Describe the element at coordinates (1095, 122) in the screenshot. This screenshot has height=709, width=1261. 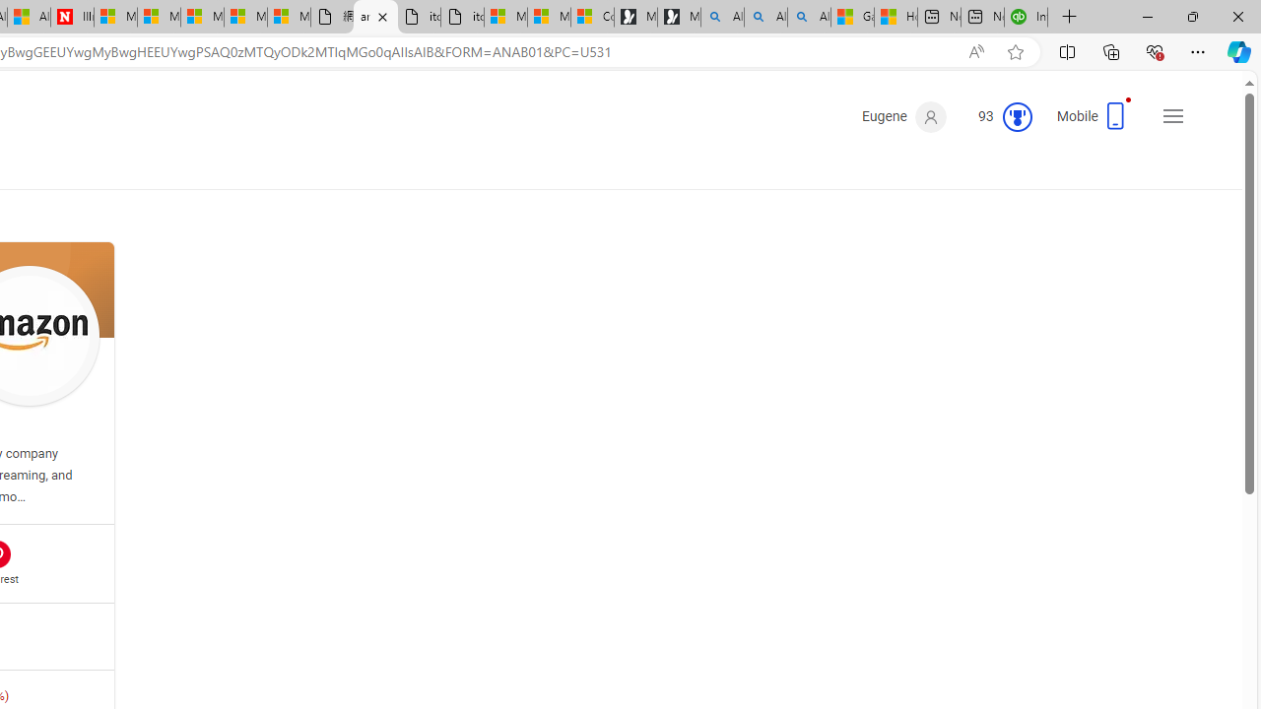
I see `'Mobile'` at that location.